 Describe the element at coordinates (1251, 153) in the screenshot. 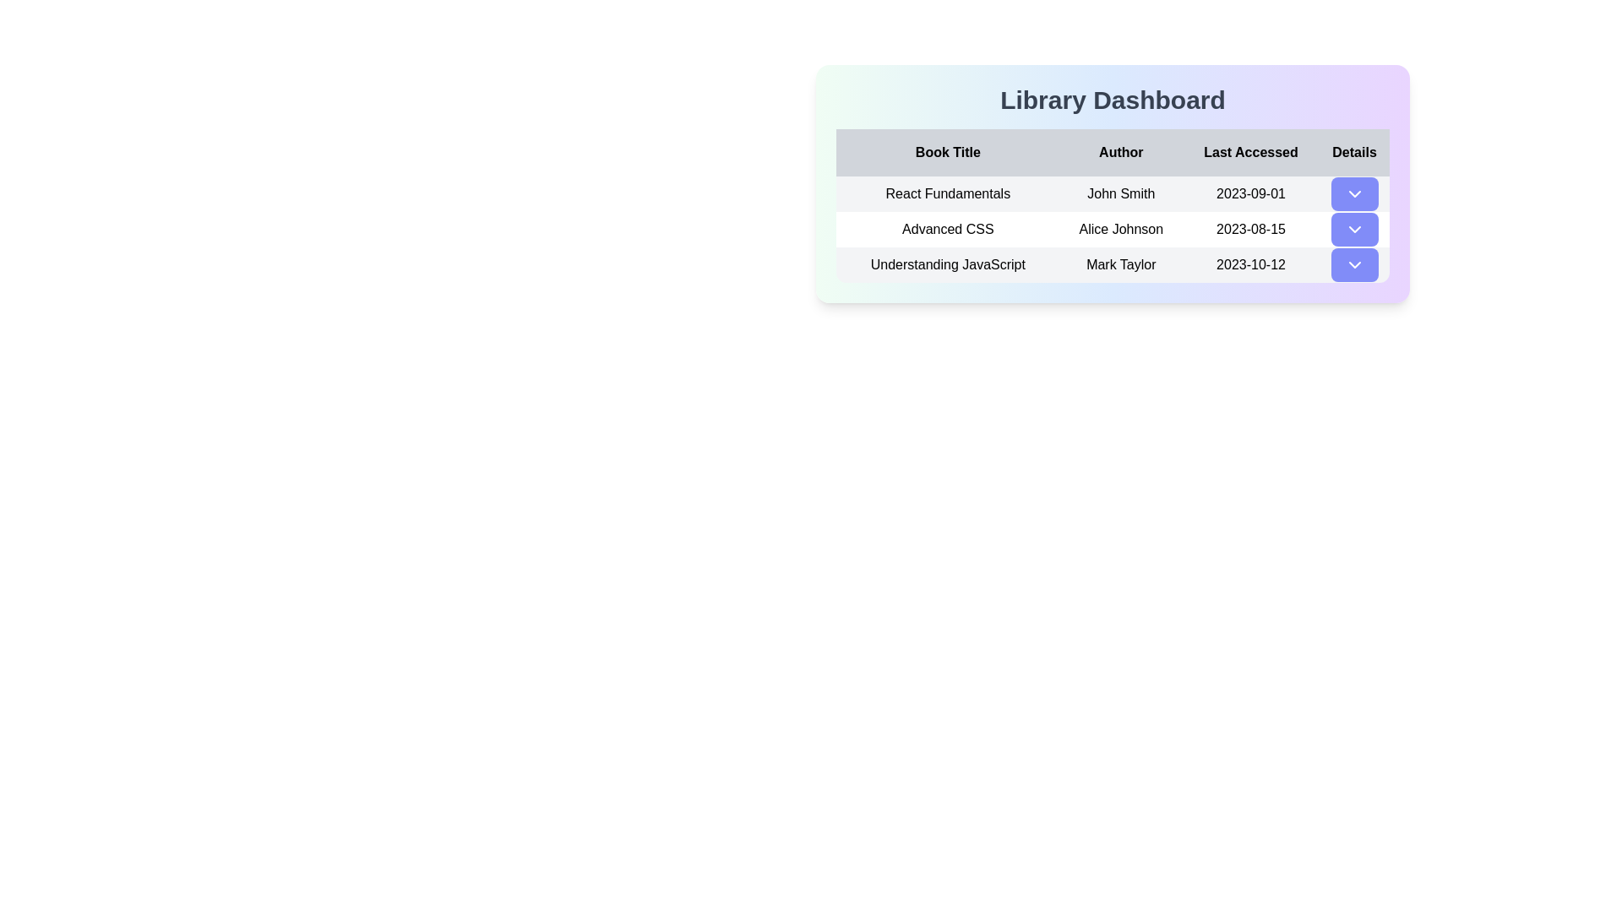

I see `the 'Last Accessed' table header label, which is positioned in the third column of the table, between the 'Author' and 'Details' columns` at that location.